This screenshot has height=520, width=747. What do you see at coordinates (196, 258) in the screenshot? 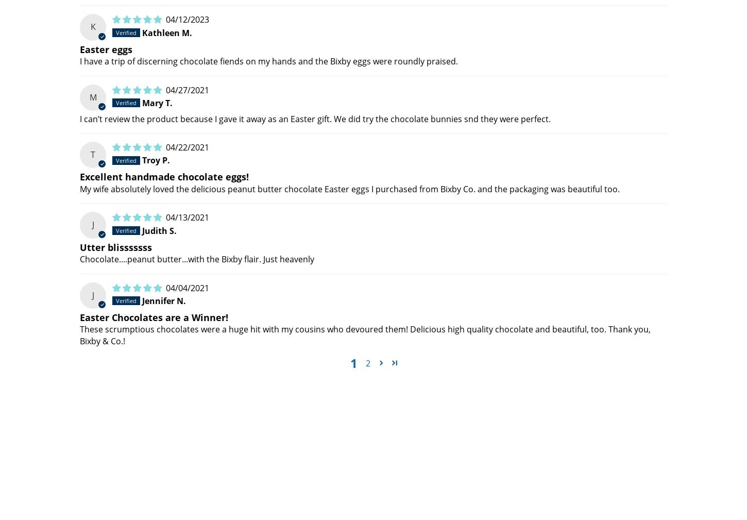
I see `'Chocolate....peanut butter...with the Bixby flair. Just heavenly'` at bounding box center [196, 258].